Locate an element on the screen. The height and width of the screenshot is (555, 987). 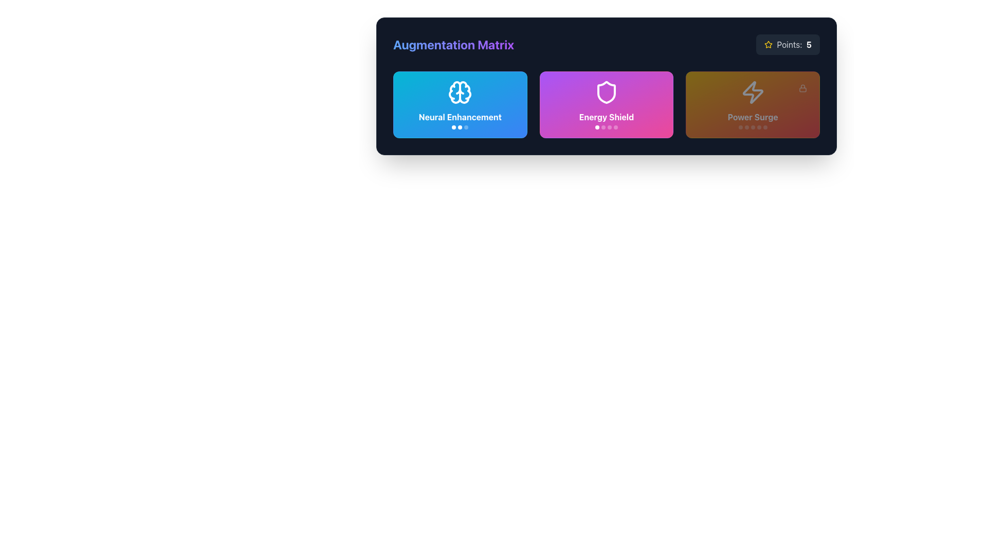
the Text Label located in the header section, which serves as a title or heading for the associated content is located at coordinates (453, 44).